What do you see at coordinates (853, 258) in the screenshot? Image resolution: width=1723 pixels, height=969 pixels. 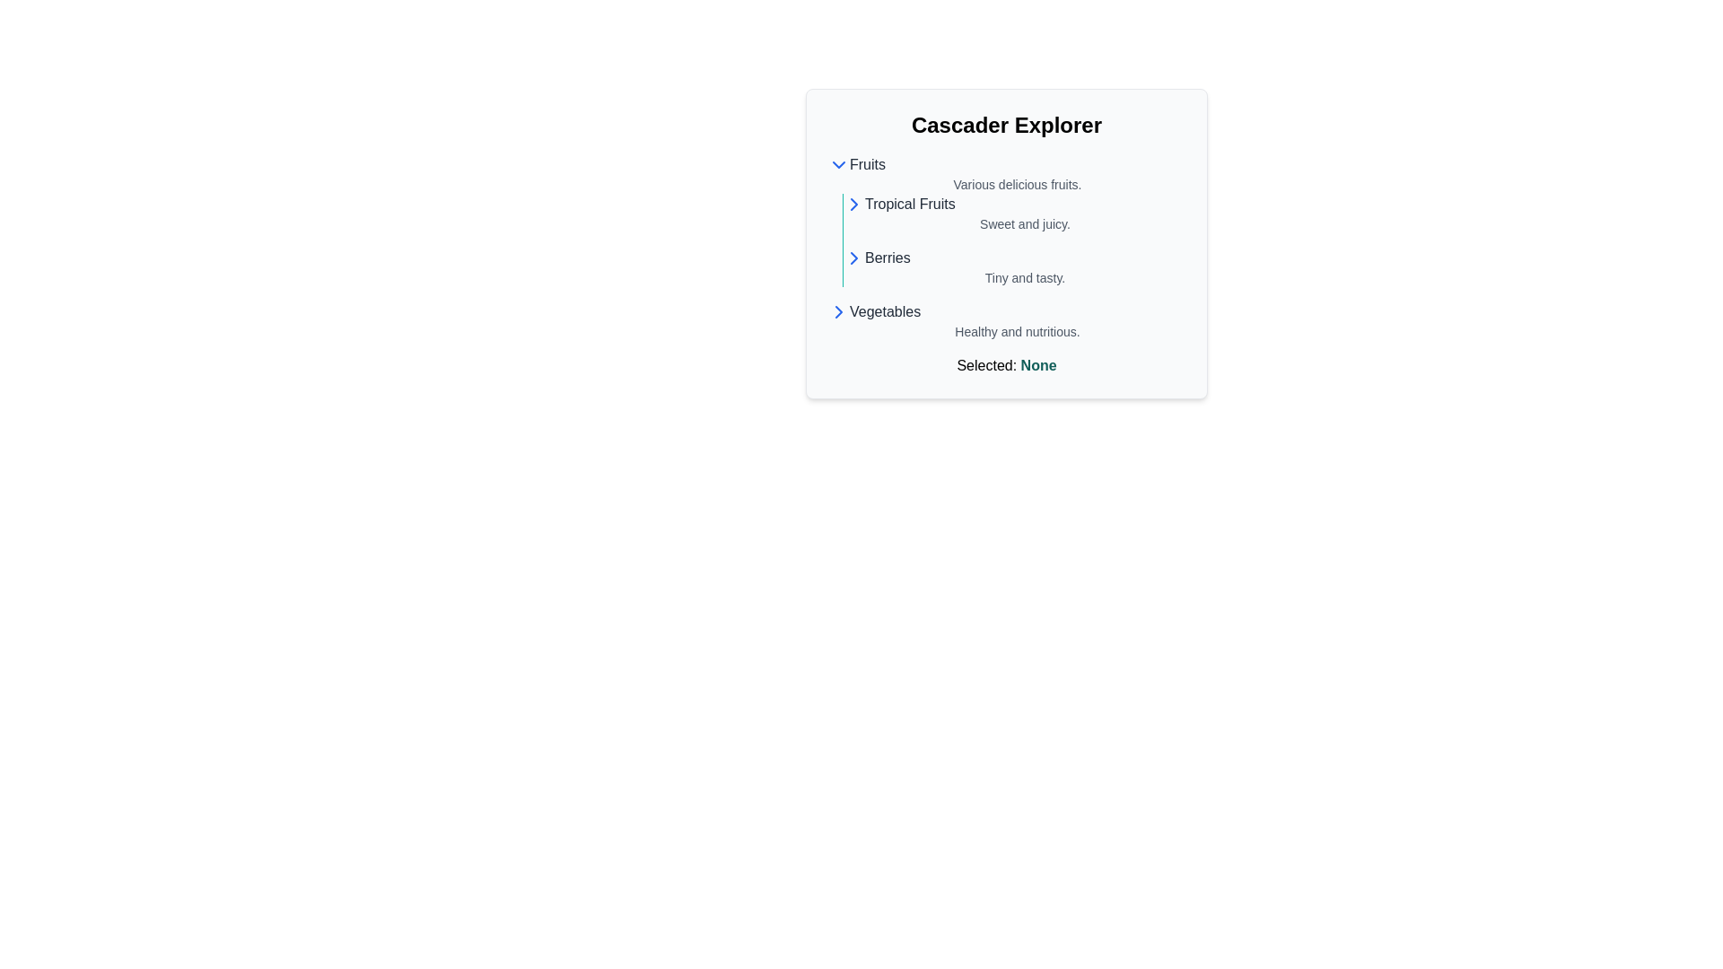 I see `the Chevron-right icon located to the left of the 'Berries' text under the 'Tropical Fruits' category in the Cascader Explorer interface to receive a visual indication of interactivity` at bounding box center [853, 258].